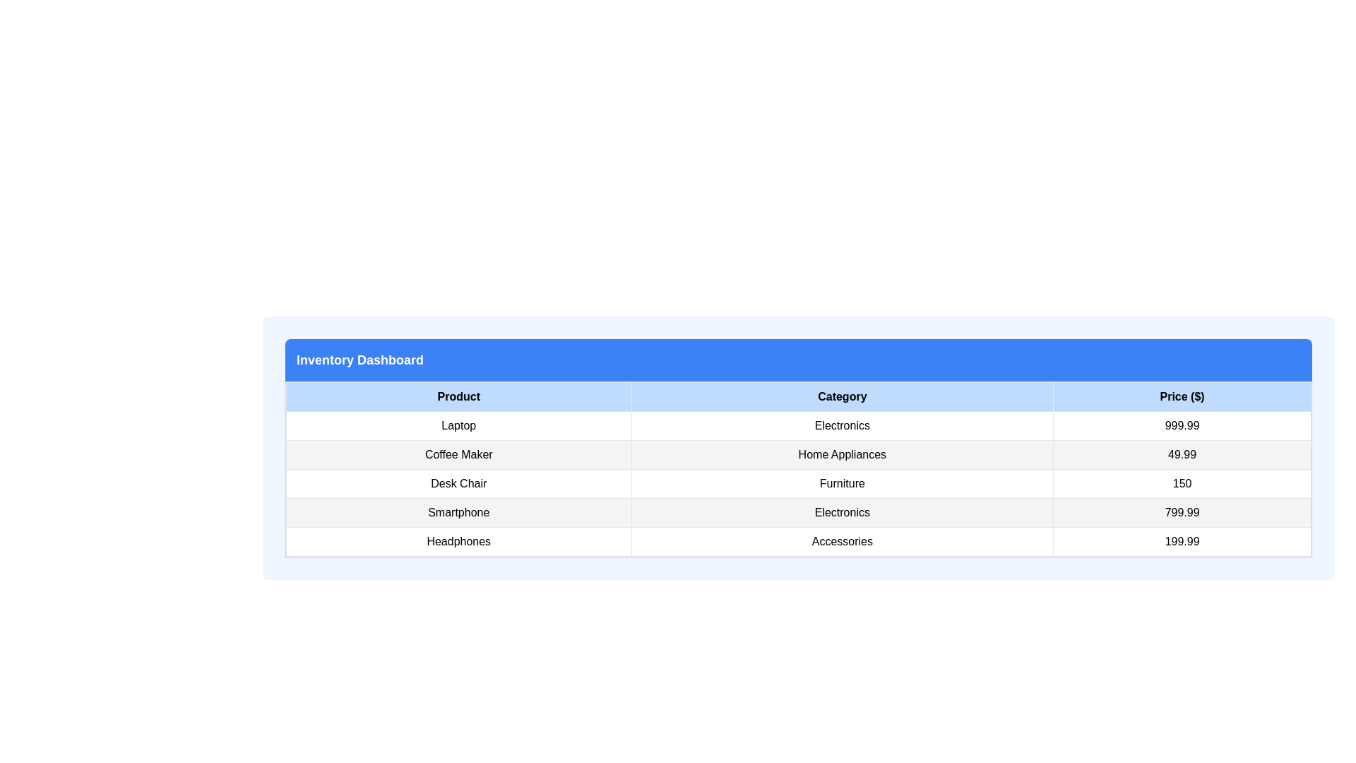 The height and width of the screenshot is (763, 1356). Describe the element at coordinates (799, 425) in the screenshot. I see `the first row of the table that displays product information for a 'Laptop' categorized under 'Electronics' with a price of '999.99'` at that location.